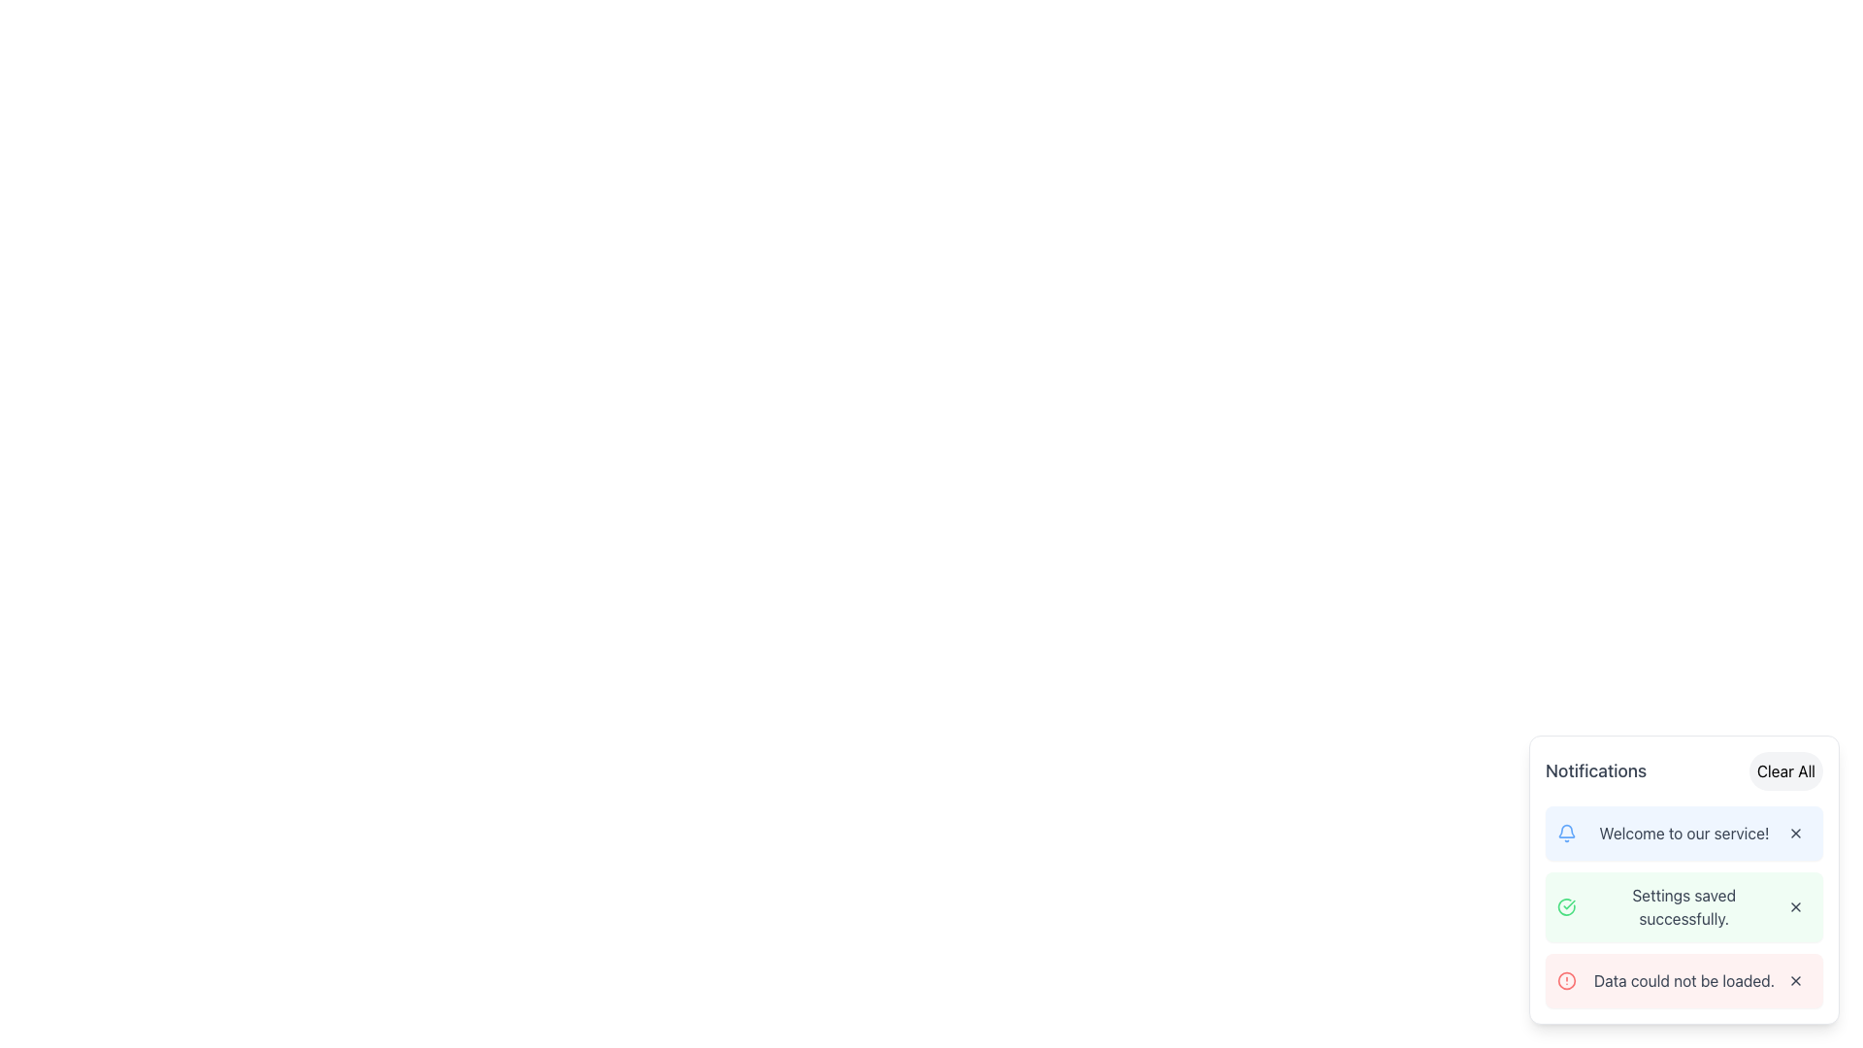 The width and height of the screenshot is (1863, 1048). Describe the element at coordinates (1566, 980) in the screenshot. I see `the significance of the red circular icon warning sign located to the left of the notification stating 'Data could not be loaded.'` at that location.